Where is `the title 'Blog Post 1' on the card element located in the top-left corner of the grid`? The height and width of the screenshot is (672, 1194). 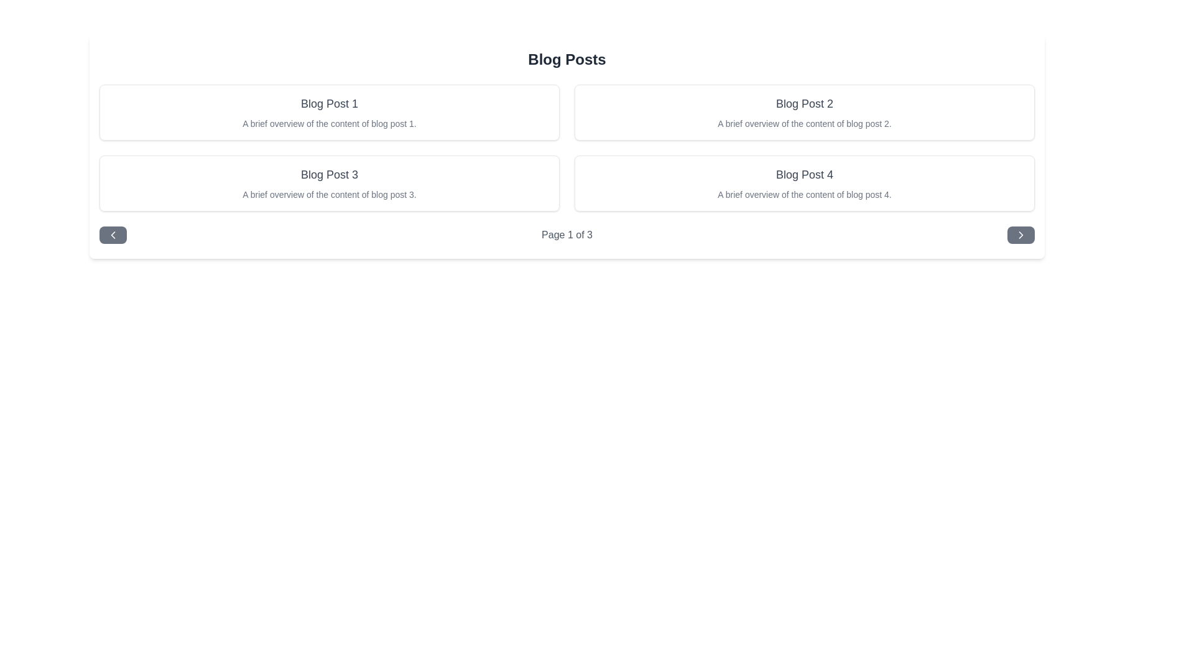 the title 'Blog Post 1' on the card element located in the top-left corner of the grid is located at coordinates (329, 113).